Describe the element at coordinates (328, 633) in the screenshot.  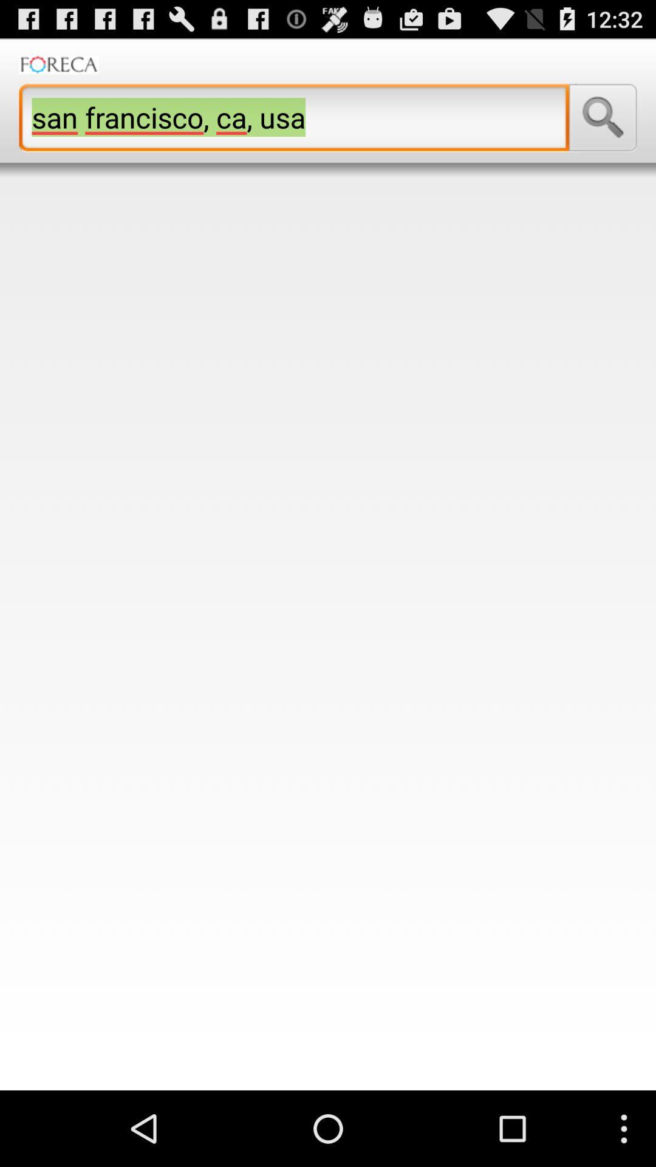
I see `icon below san francisco ca item` at that location.